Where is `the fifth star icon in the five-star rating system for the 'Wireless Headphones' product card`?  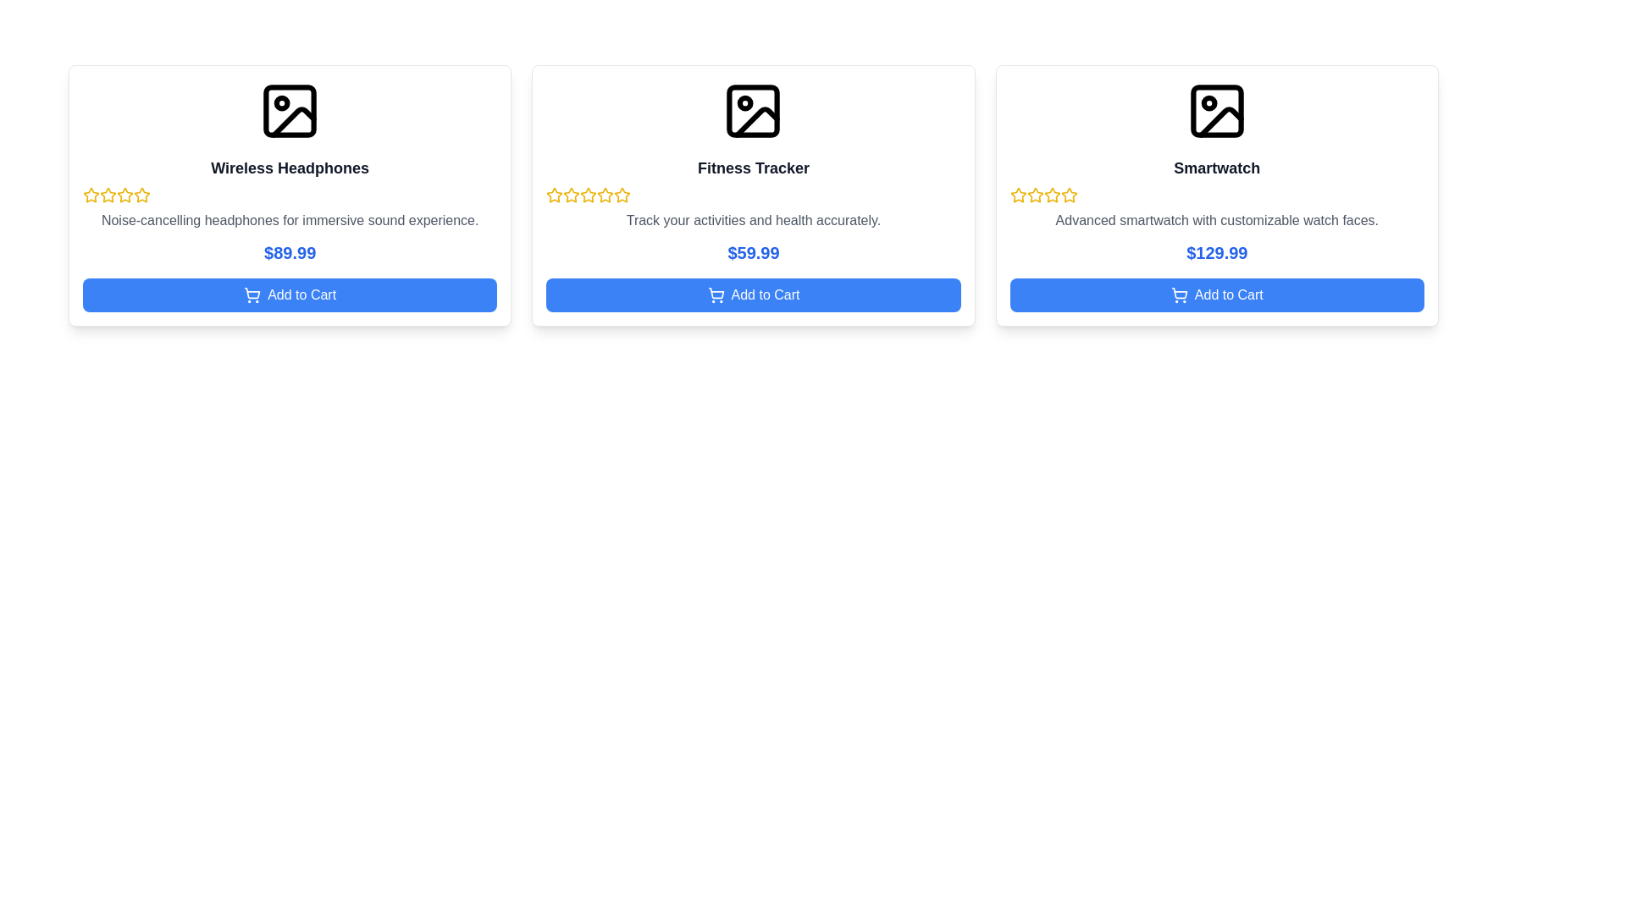
the fifth star icon in the five-star rating system for the 'Wireless Headphones' product card is located at coordinates (142, 195).